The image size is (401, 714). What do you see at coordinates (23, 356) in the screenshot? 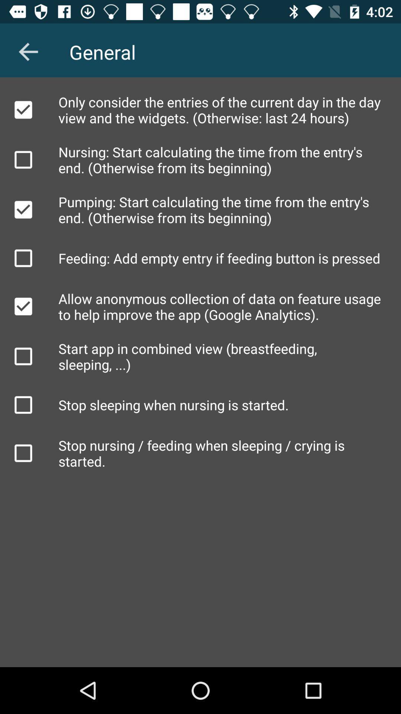
I see `option` at bounding box center [23, 356].